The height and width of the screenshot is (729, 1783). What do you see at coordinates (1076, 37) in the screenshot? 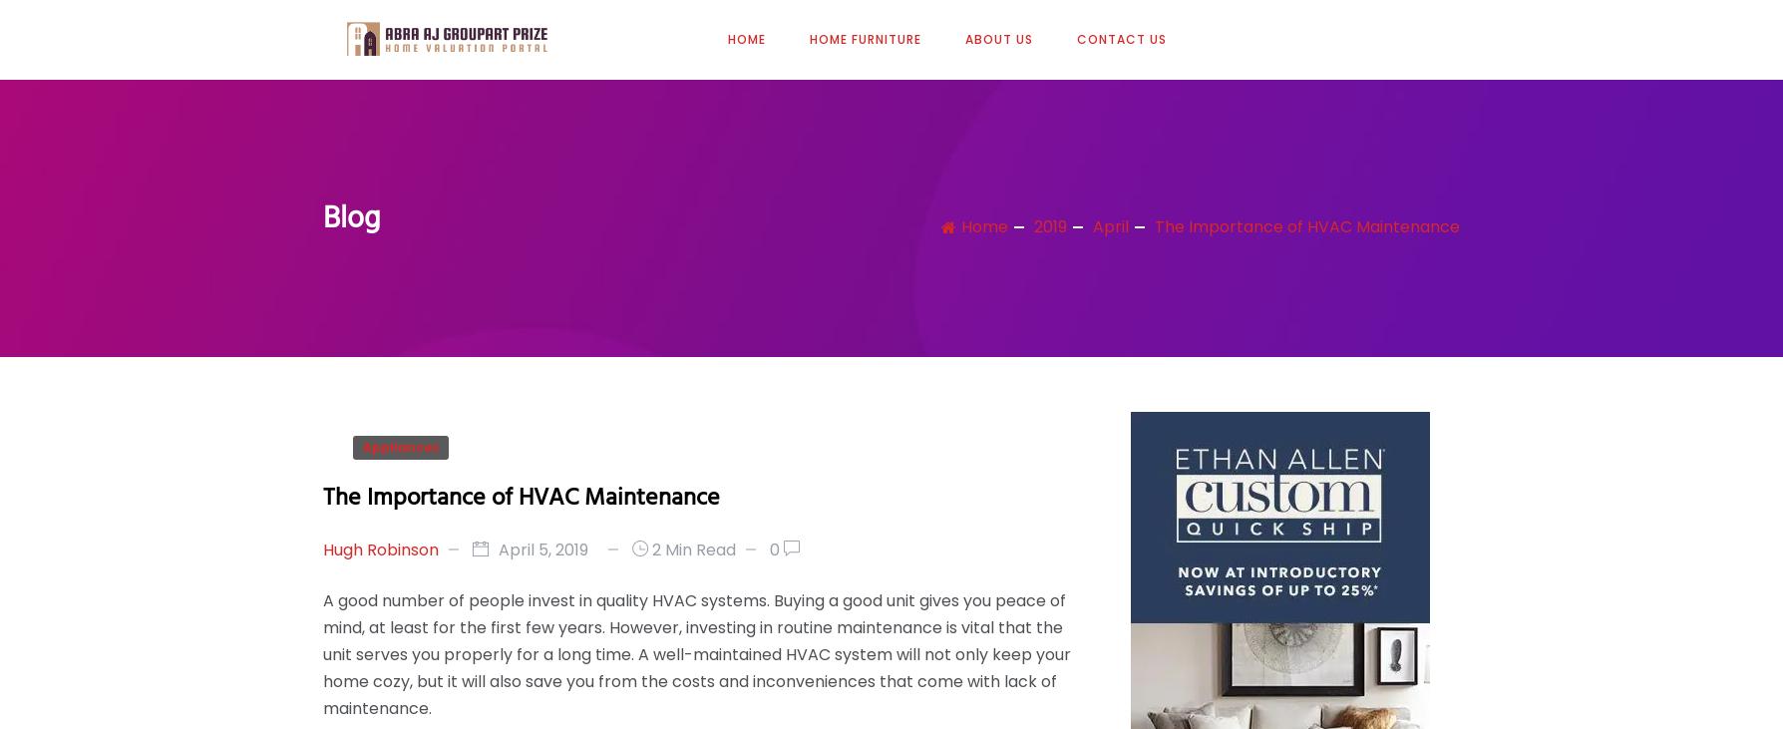
I see `'Contact Us'` at bounding box center [1076, 37].